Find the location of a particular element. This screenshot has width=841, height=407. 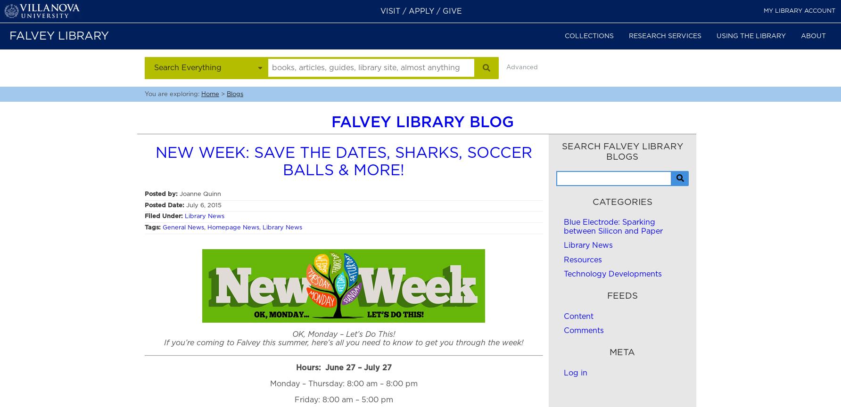

'APPLY' is located at coordinates (421, 11).